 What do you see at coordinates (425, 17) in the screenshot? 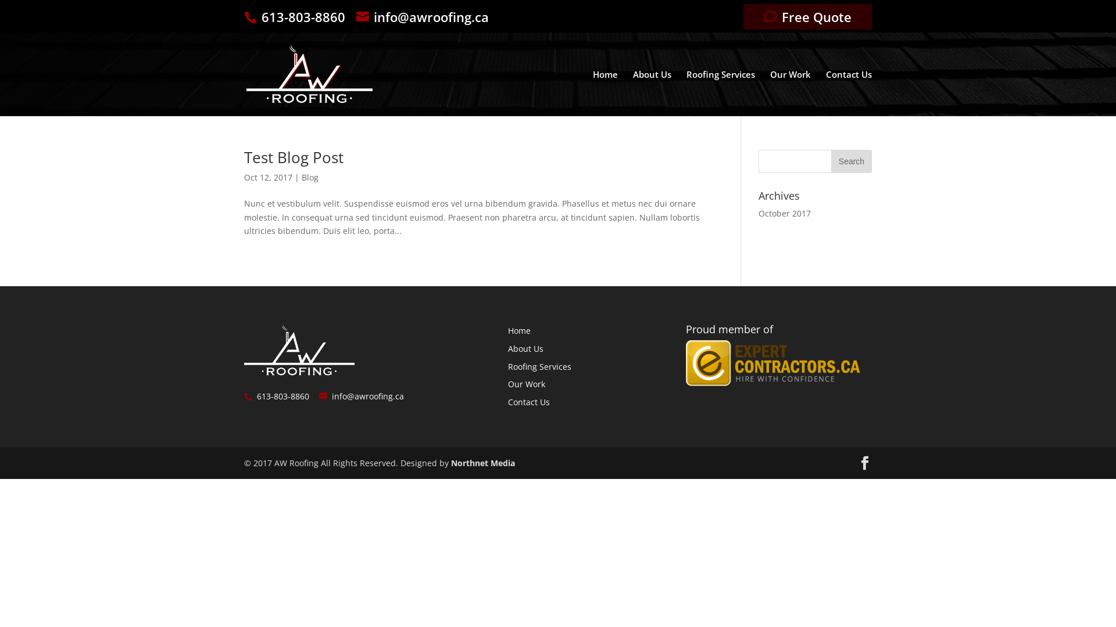
I see `'info@awroofing.ca'` at bounding box center [425, 17].